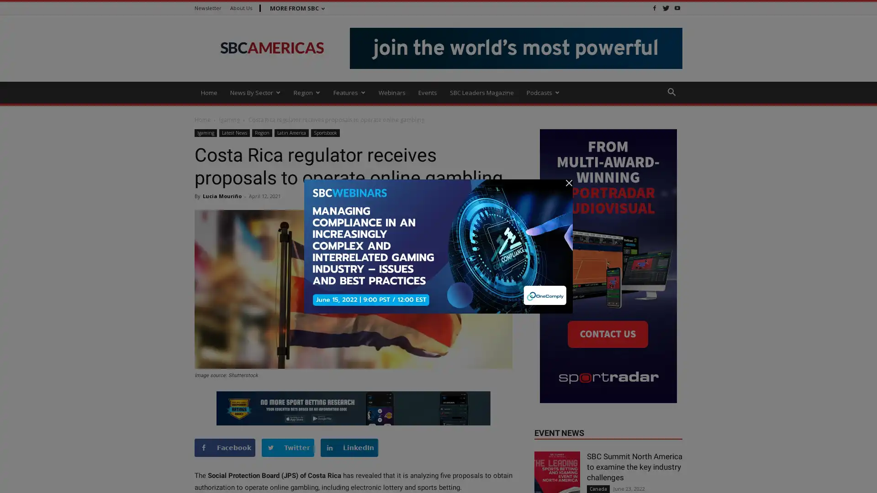 This screenshot has width=877, height=493. What do you see at coordinates (569, 480) in the screenshot?
I see `GET TICKETS` at bounding box center [569, 480].